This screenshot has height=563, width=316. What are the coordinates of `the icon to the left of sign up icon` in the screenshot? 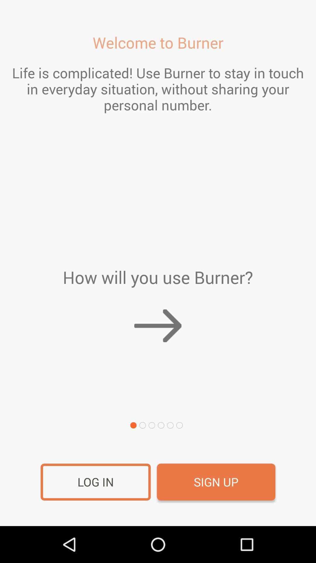 It's located at (95, 482).